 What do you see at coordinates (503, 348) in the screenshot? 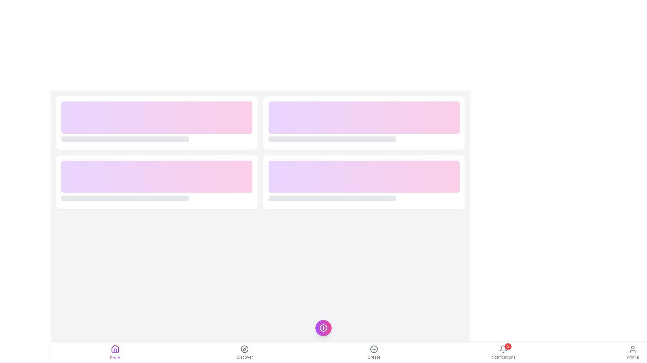
I see `the bell icon in the Notifications area of the bottom navigation bar` at bounding box center [503, 348].